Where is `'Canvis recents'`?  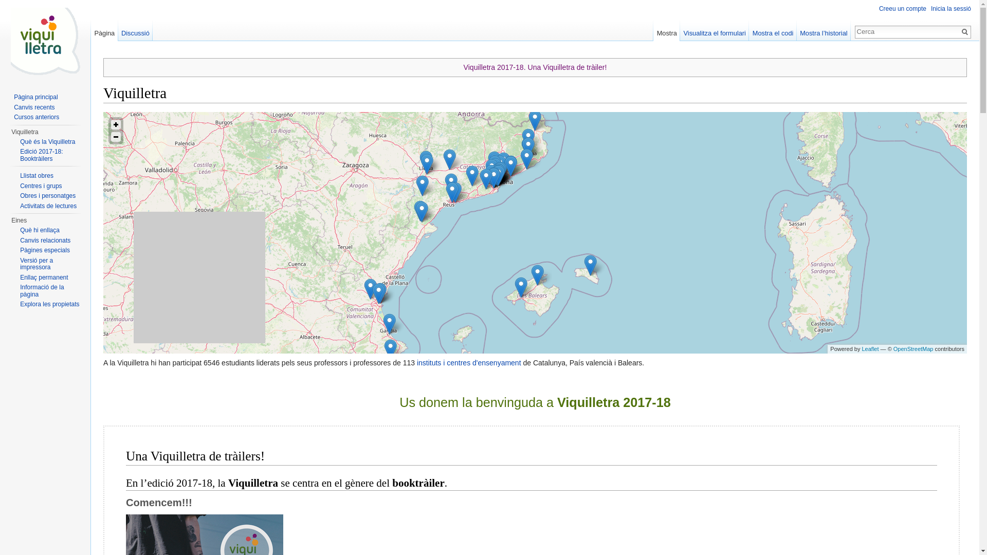 'Canvis recents' is located at coordinates (14, 107).